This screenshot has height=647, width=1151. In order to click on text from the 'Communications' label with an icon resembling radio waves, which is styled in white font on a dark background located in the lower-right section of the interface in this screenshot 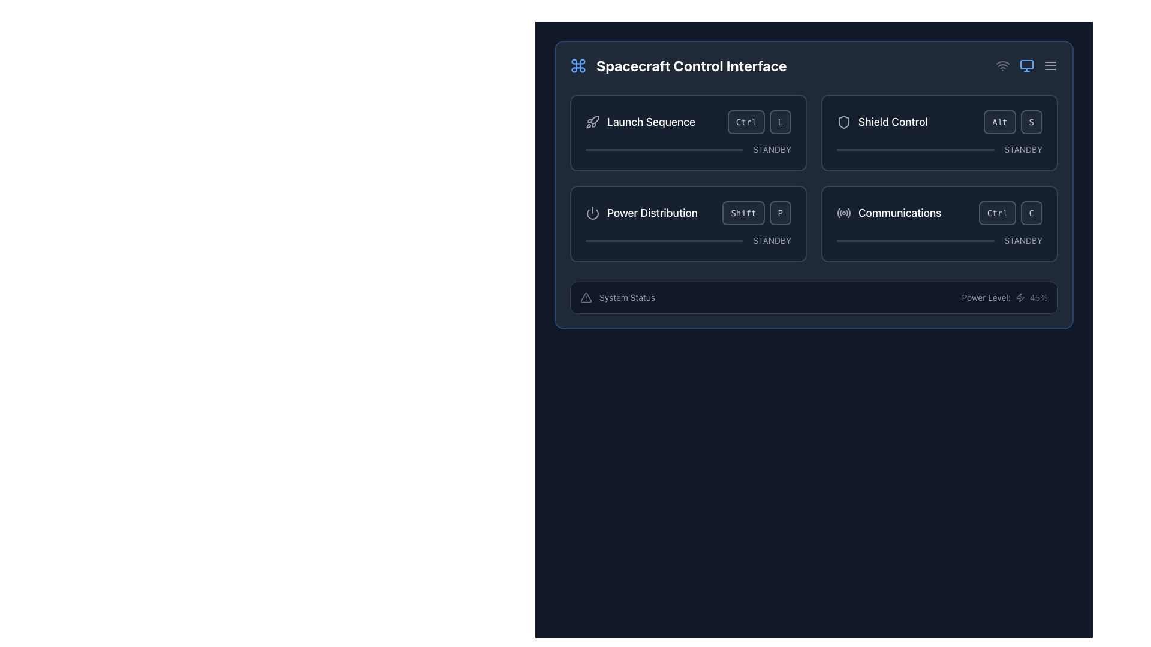, I will do `click(889, 212)`.